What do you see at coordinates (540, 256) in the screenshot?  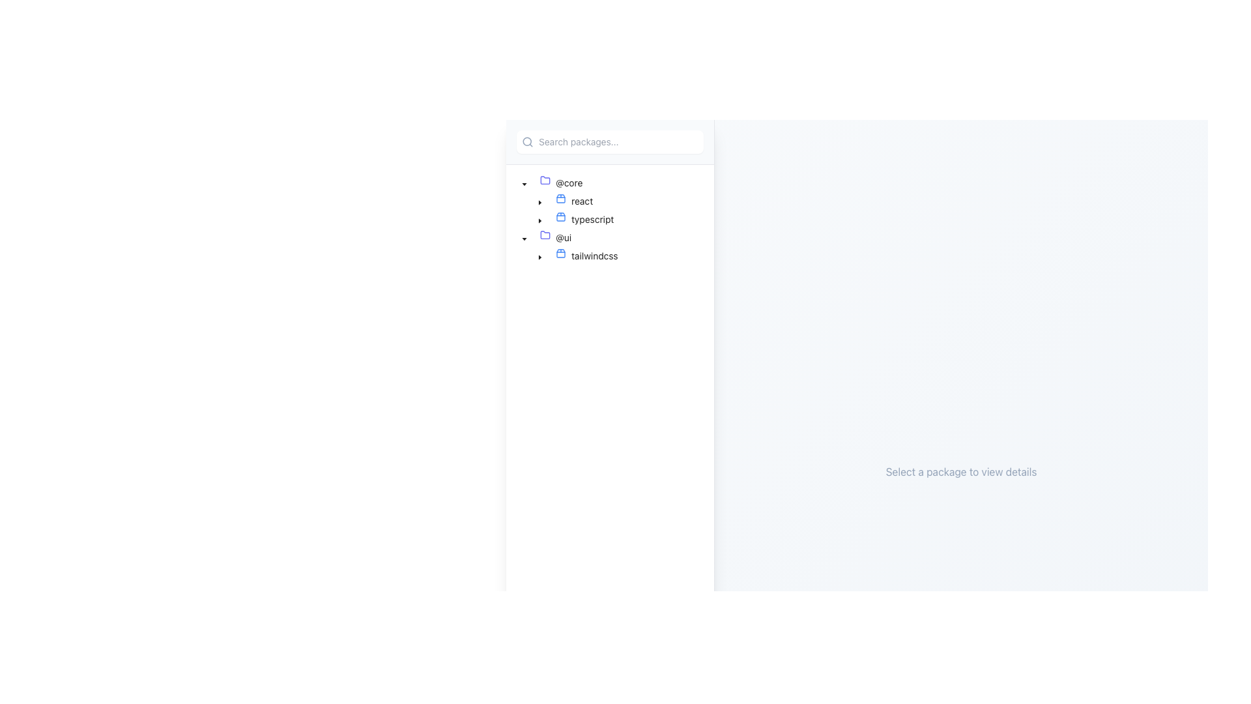 I see `the Tree switcher icon next to the 'tailwindcss' label under the '@ui' folder` at bounding box center [540, 256].